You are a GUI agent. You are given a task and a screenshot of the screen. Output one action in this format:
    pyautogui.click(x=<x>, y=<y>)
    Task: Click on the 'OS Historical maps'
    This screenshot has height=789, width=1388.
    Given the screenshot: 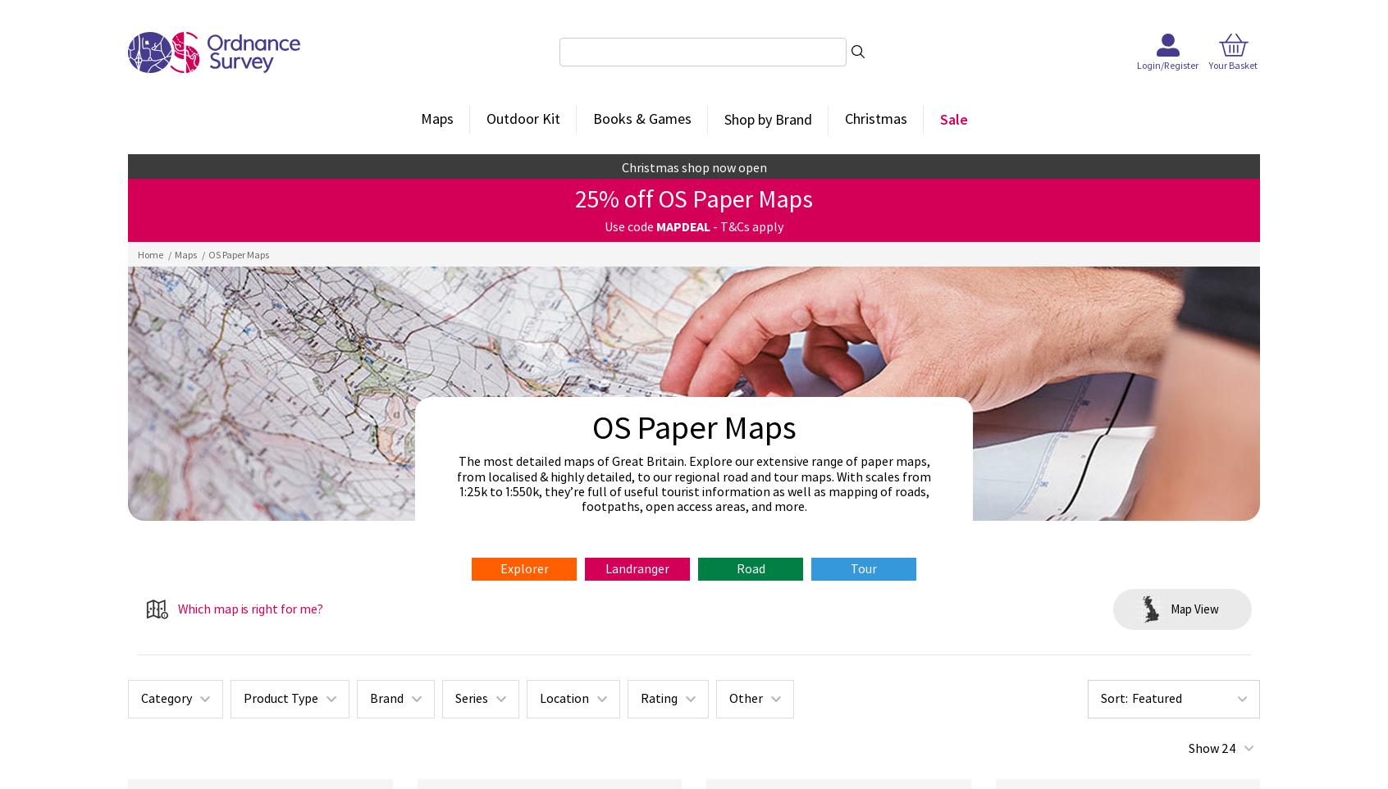 What is the action you would take?
    pyautogui.click(x=766, y=235)
    